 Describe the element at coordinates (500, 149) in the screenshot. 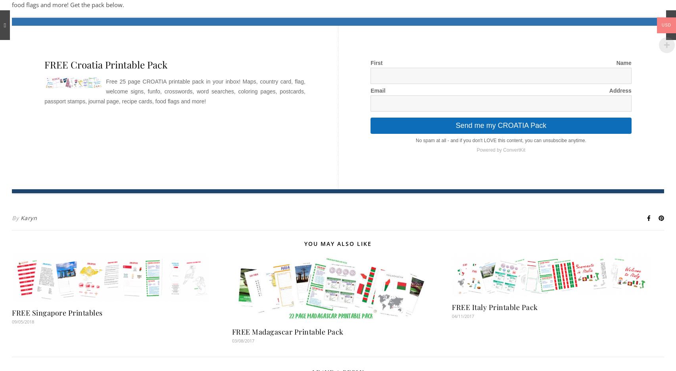

I see `'Powered by ConvertKit'` at that location.